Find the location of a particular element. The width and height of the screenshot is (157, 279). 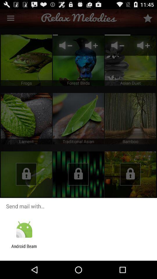

the android beam icon is located at coordinates (24, 248).